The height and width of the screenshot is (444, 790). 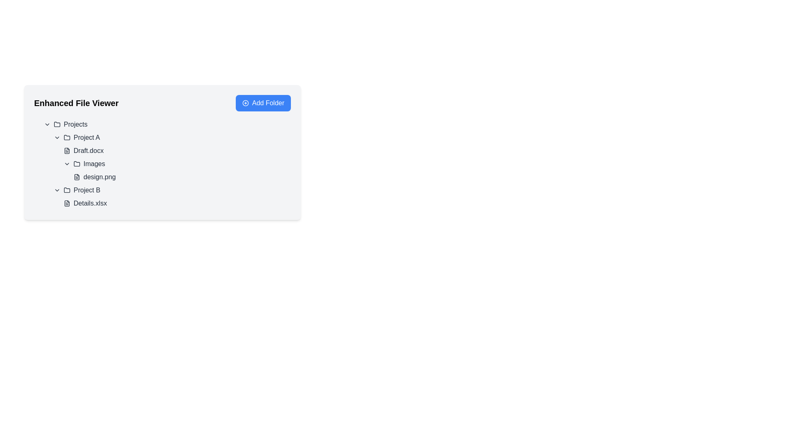 What do you see at coordinates (167, 197) in the screenshot?
I see `the file entry named 'Details.xlsx' located under the 'Project B' folder in the tree view` at bounding box center [167, 197].